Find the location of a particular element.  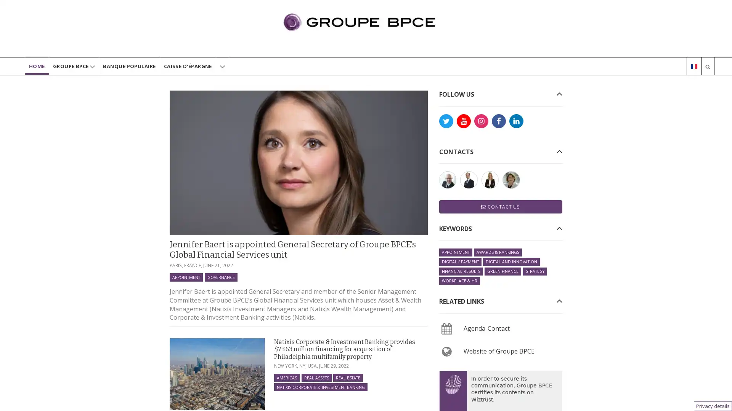

KEYWORDS is located at coordinates (455, 228).